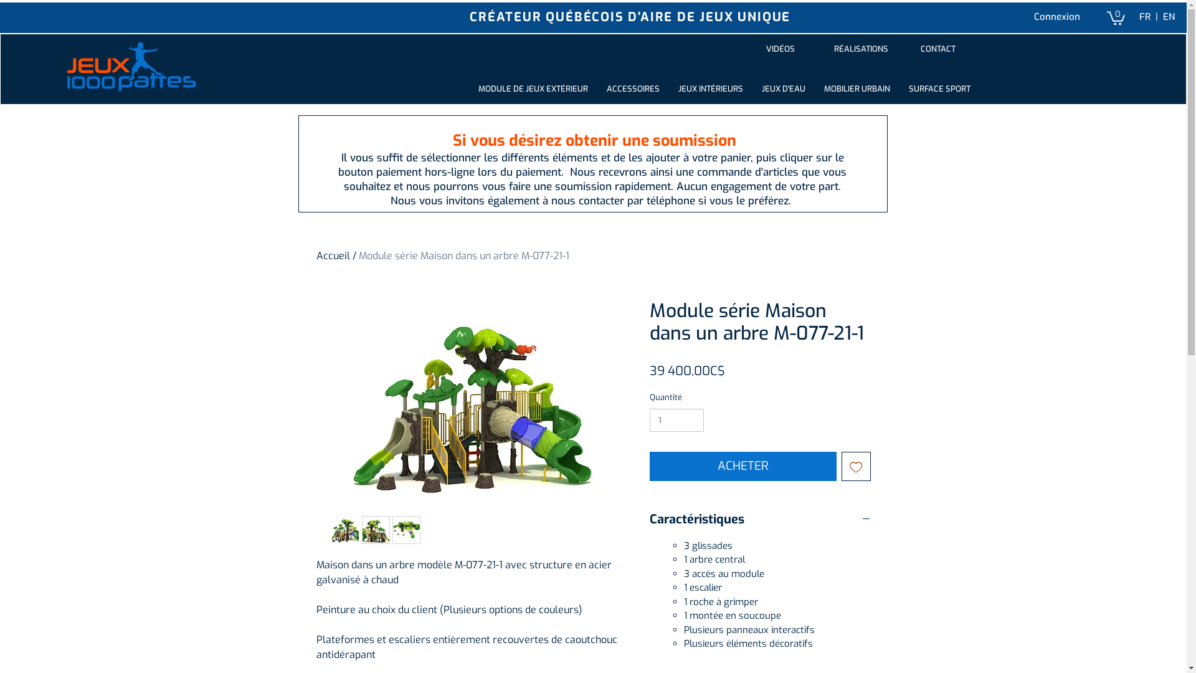 This screenshot has height=673, width=1196. Describe the element at coordinates (333, 255) in the screenshot. I see `'Accueil'` at that location.